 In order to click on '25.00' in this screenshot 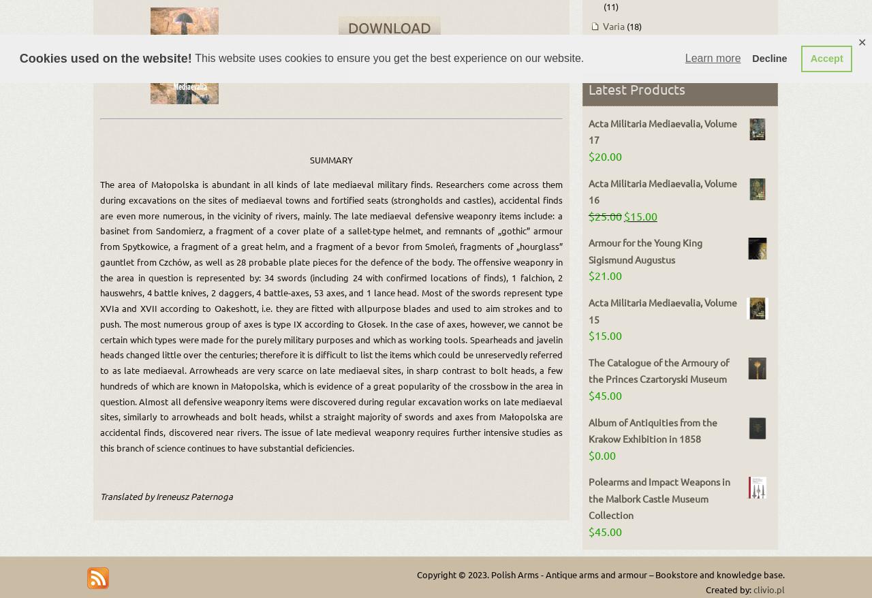, I will do `click(607, 215)`.